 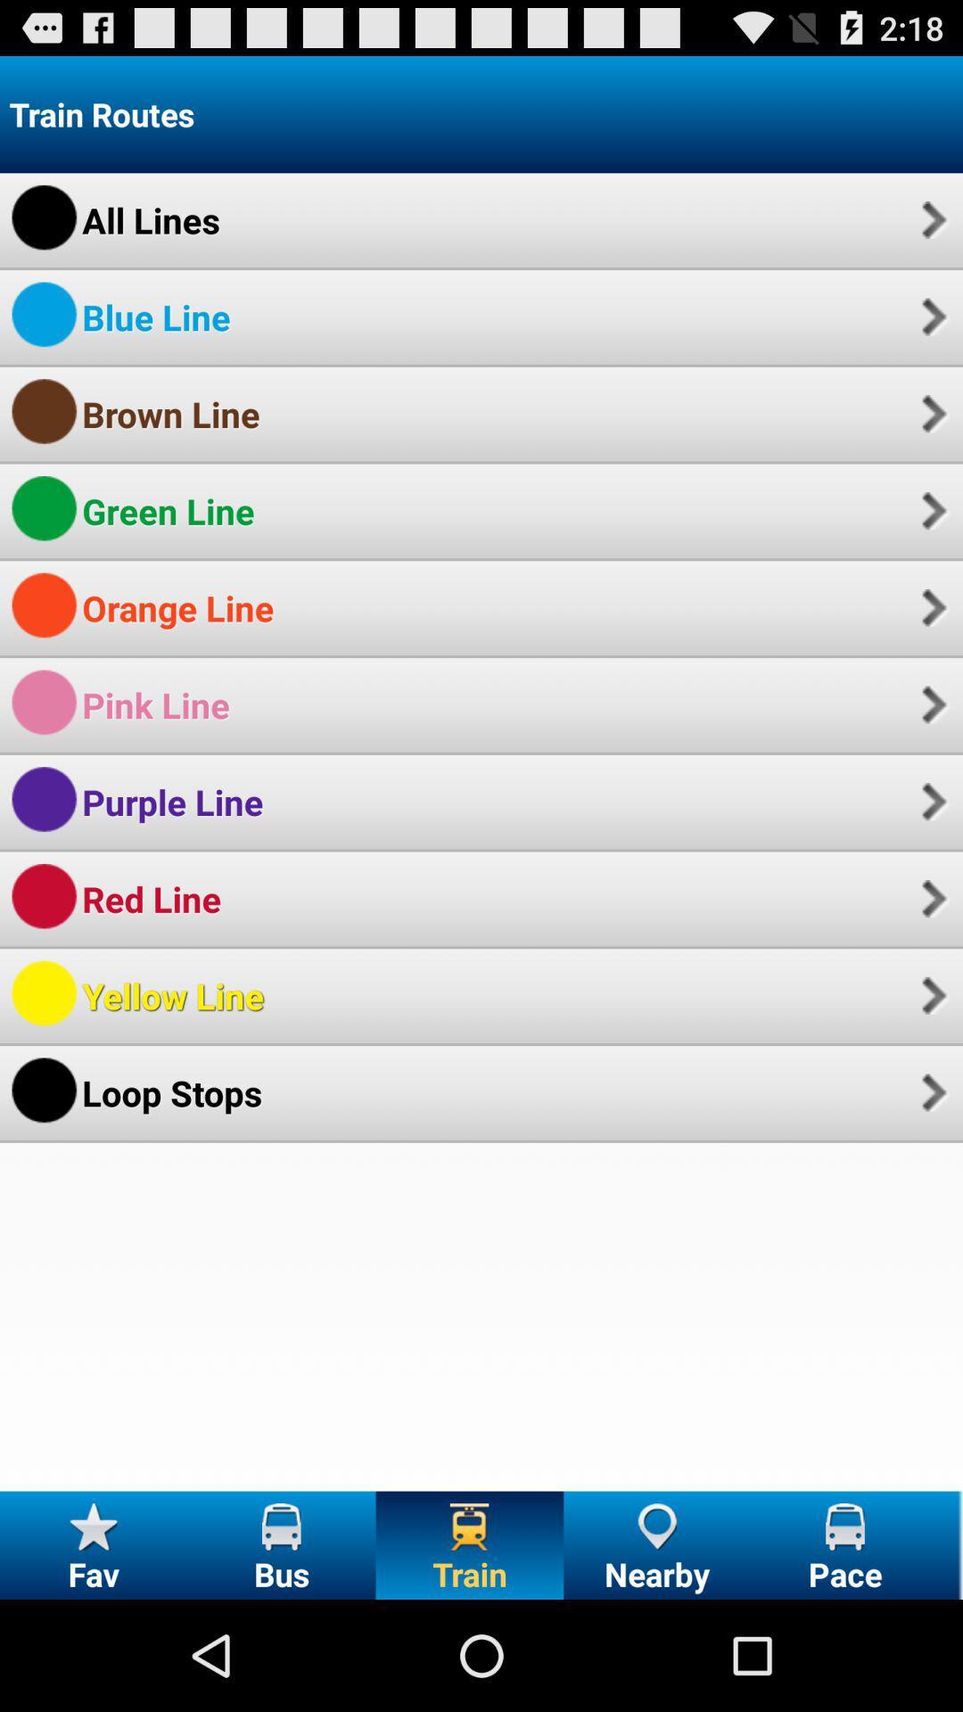 What do you see at coordinates (931, 704) in the screenshot?
I see `icon to the right of pink line item` at bounding box center [931, 704].